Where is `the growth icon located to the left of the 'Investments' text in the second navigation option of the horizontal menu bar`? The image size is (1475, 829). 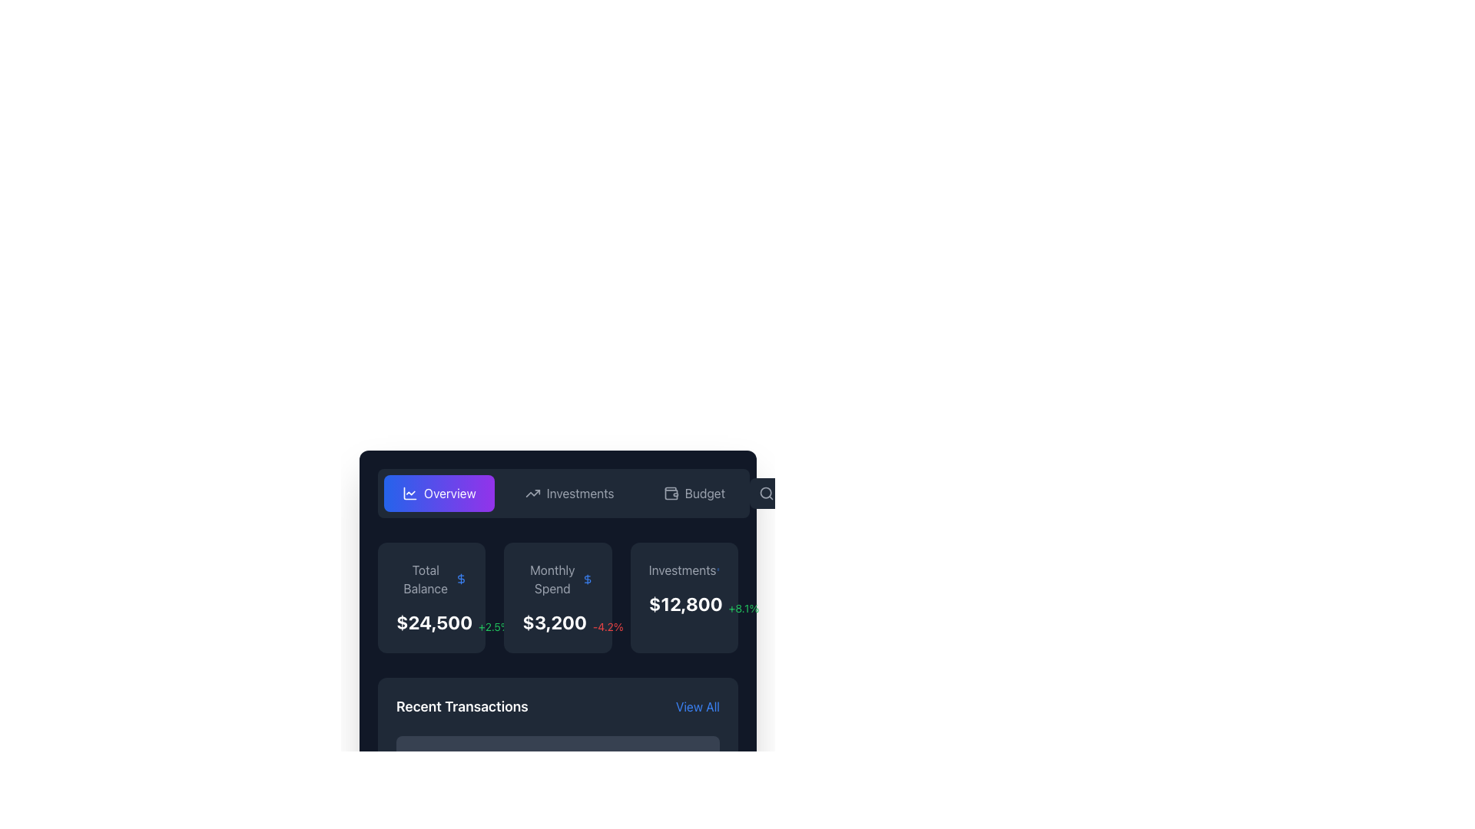
the growth icon located to the left of the 'Investments' text in the second navigation option of the horizontal menu bar is located at coordinates (532, 494).